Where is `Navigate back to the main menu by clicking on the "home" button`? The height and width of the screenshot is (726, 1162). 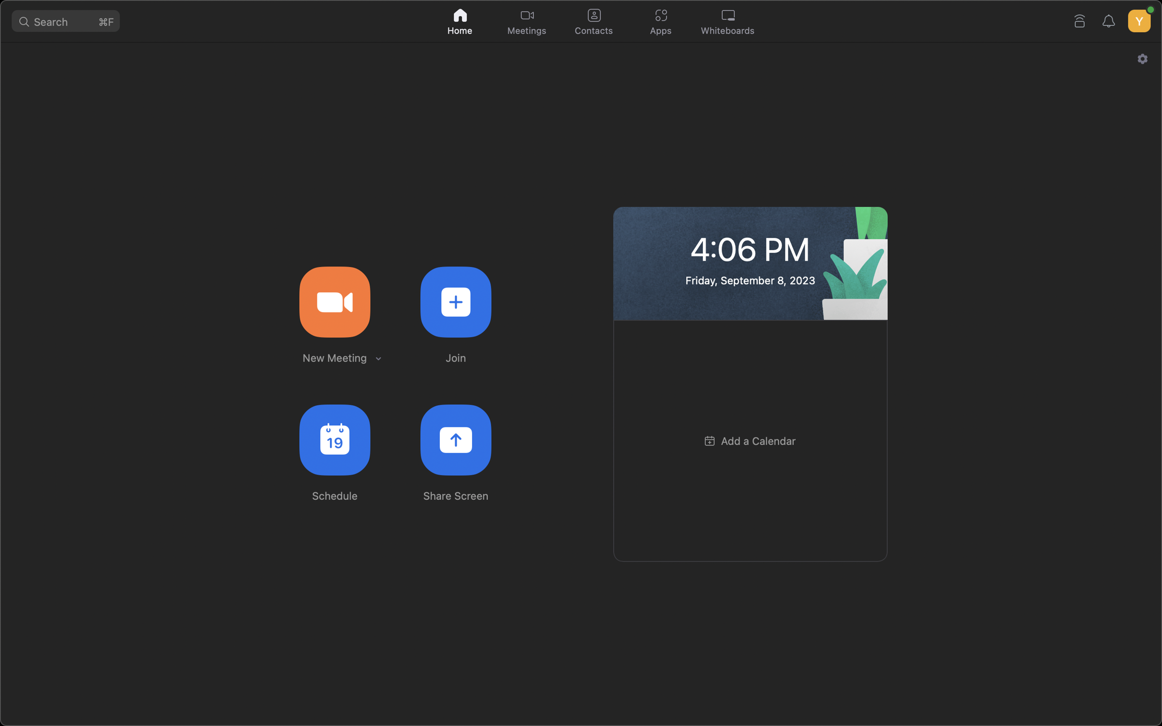
Navigate back to the main menu by clicking on the "home" button is located at coordinates (460, 20).